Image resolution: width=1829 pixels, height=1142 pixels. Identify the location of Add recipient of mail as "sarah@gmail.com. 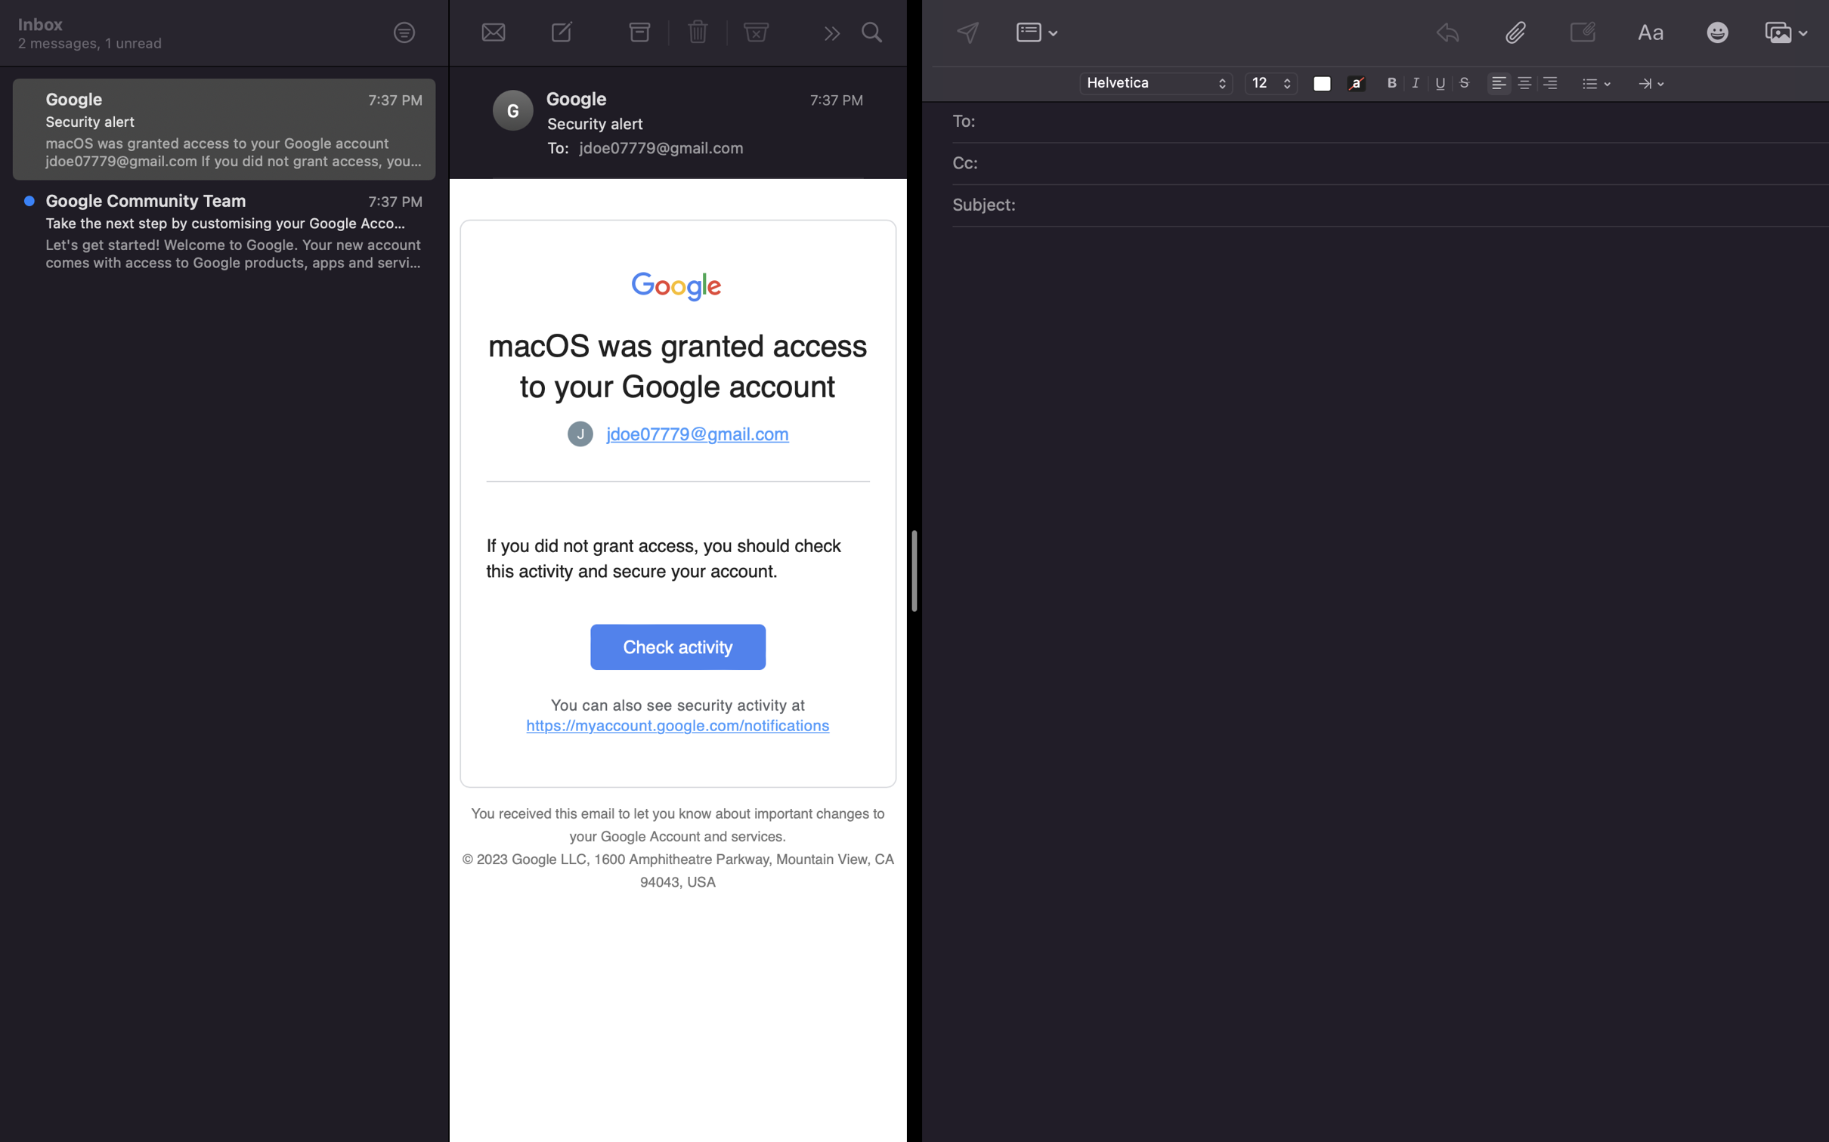
(1401, 122).